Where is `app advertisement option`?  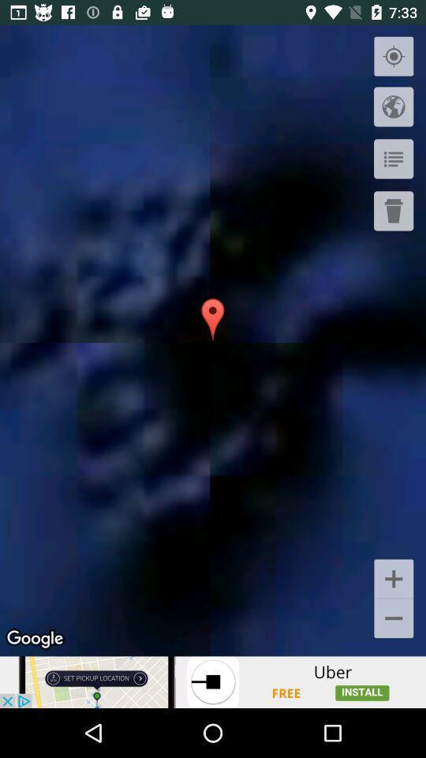
app advertisement option is located at coordinates (213, 681).